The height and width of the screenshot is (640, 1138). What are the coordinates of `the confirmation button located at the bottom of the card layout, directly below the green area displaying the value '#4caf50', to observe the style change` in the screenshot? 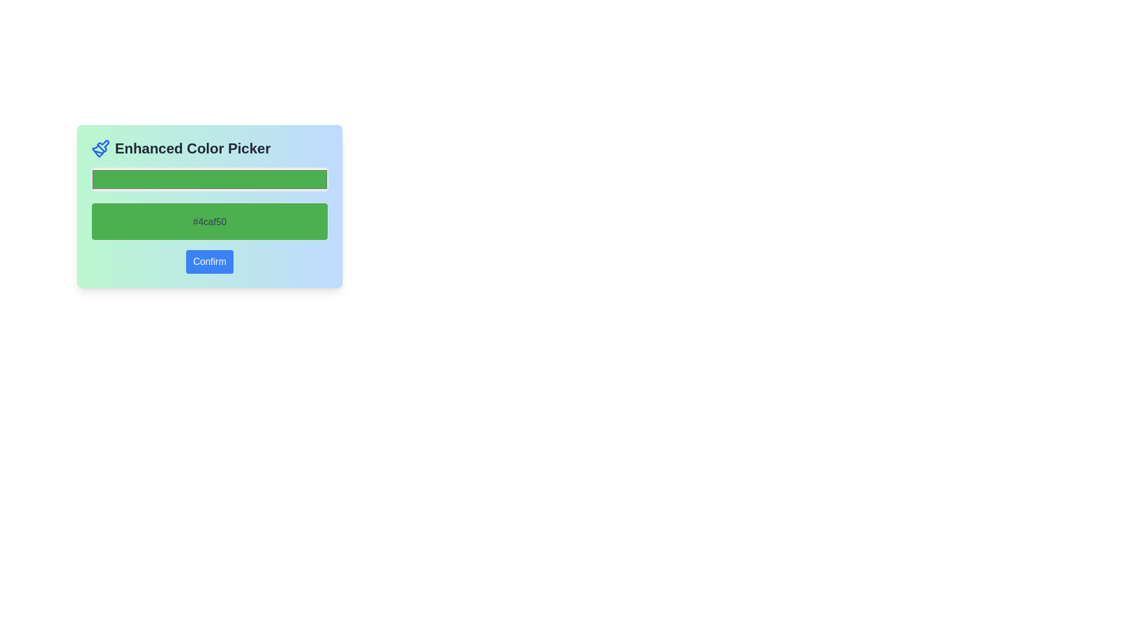 It's located at (210, 261).